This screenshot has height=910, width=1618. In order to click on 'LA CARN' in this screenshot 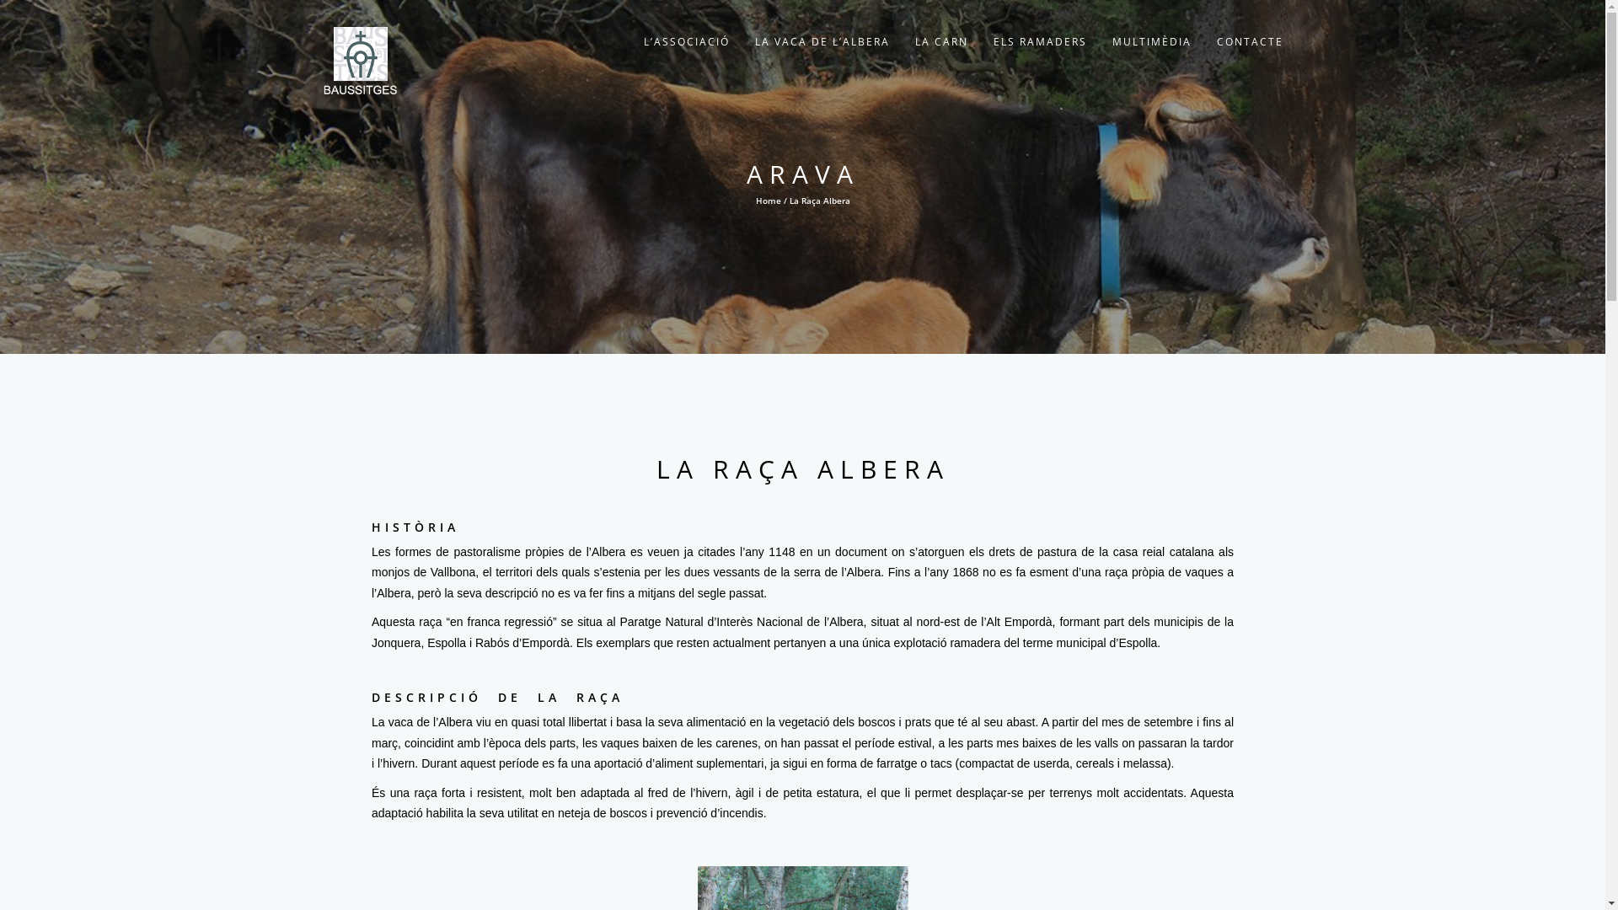, I will do `click(940, 41)`.